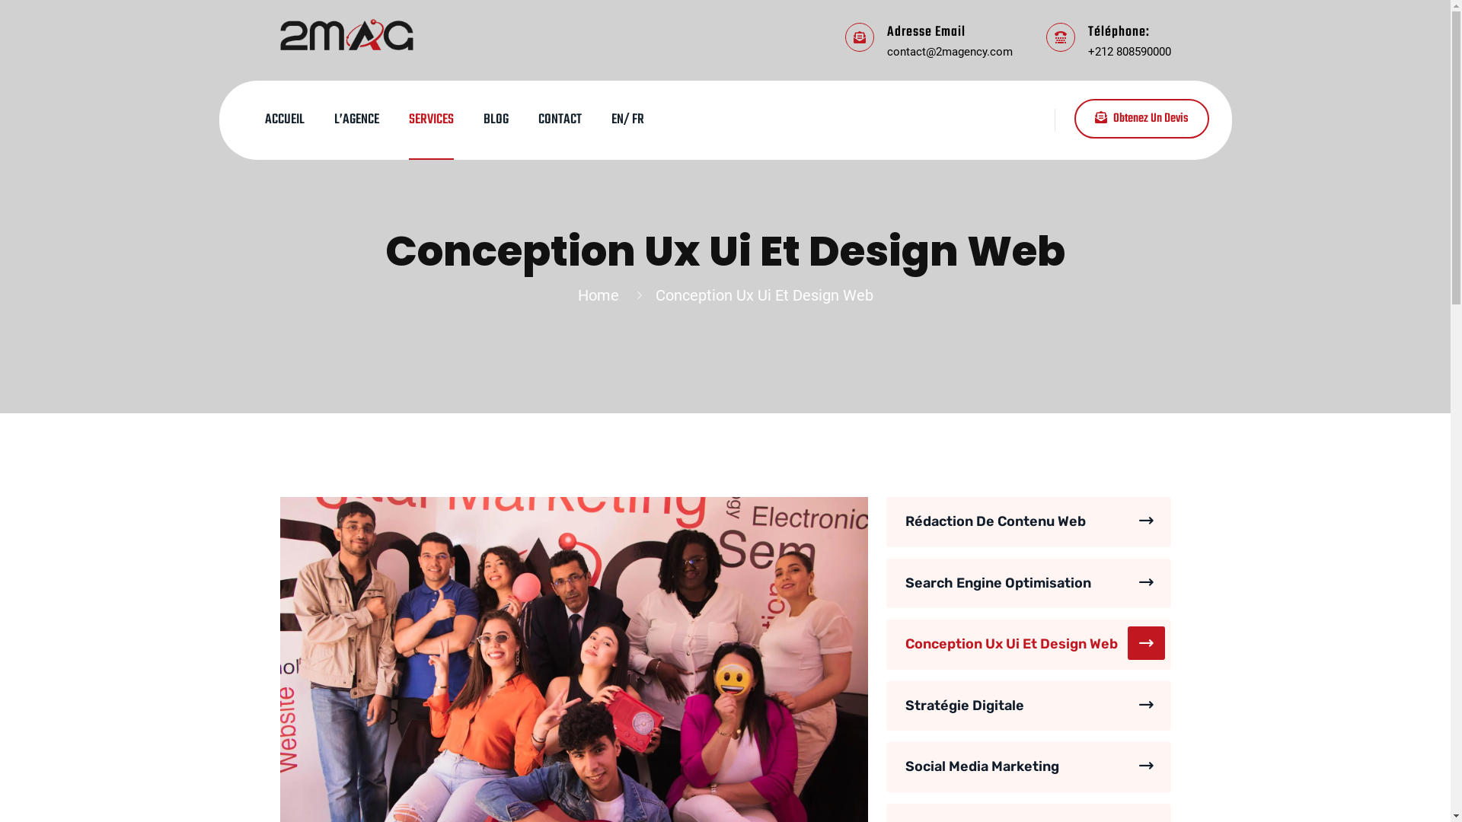 This screenshot has width=1462, height=822. Describe the element at coordinates (495, 119) in the screenshot. I see `'BLOG'` at that location.